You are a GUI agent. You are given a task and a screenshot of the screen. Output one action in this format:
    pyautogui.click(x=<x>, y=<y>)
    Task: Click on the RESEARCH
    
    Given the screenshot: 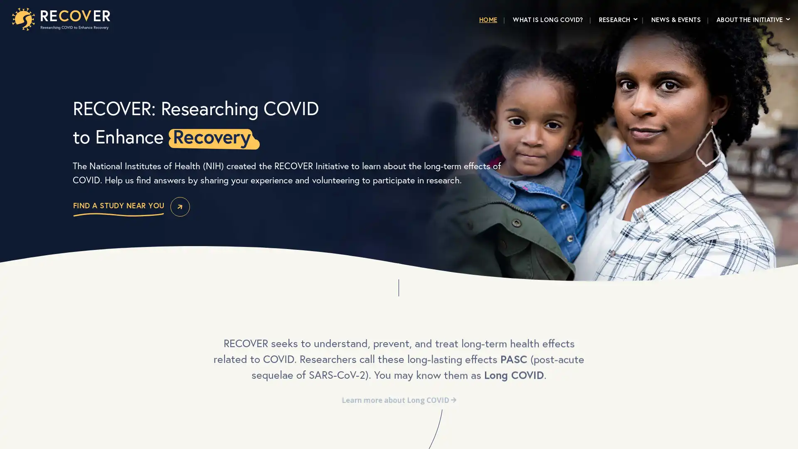 What is the action you would take?
    pyautogui.click(x=616, y=19)
    